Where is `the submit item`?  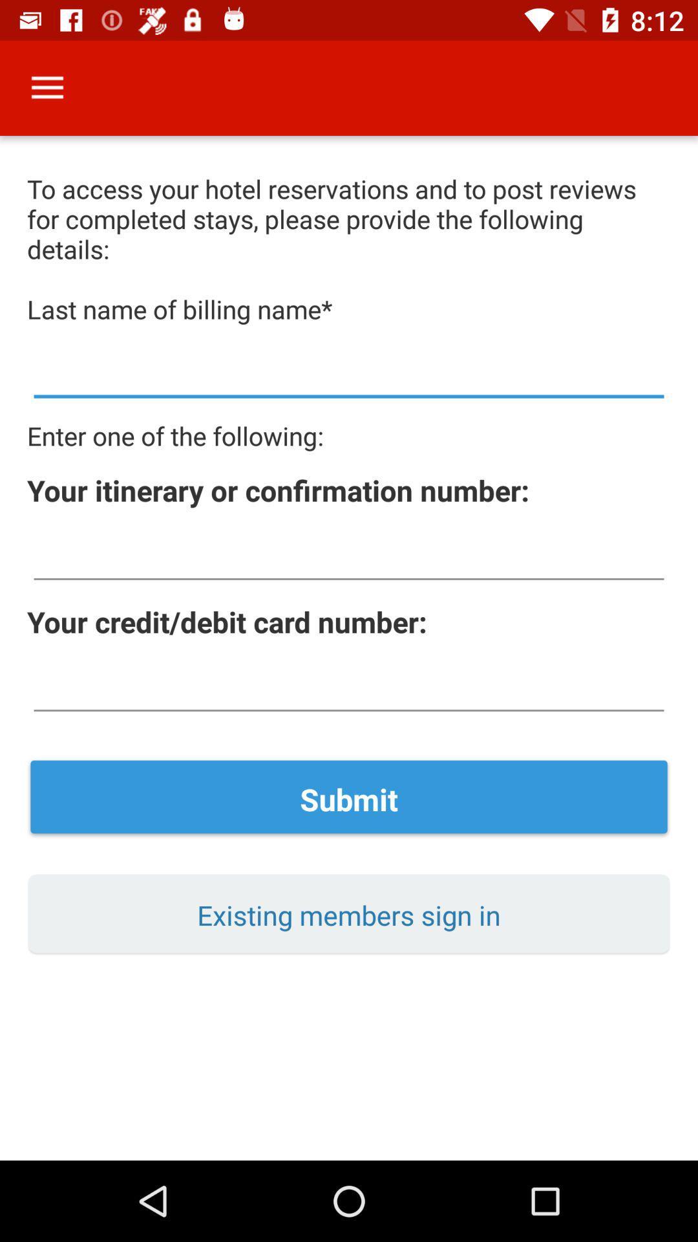 the submit item is located at coordinates (349, 798).